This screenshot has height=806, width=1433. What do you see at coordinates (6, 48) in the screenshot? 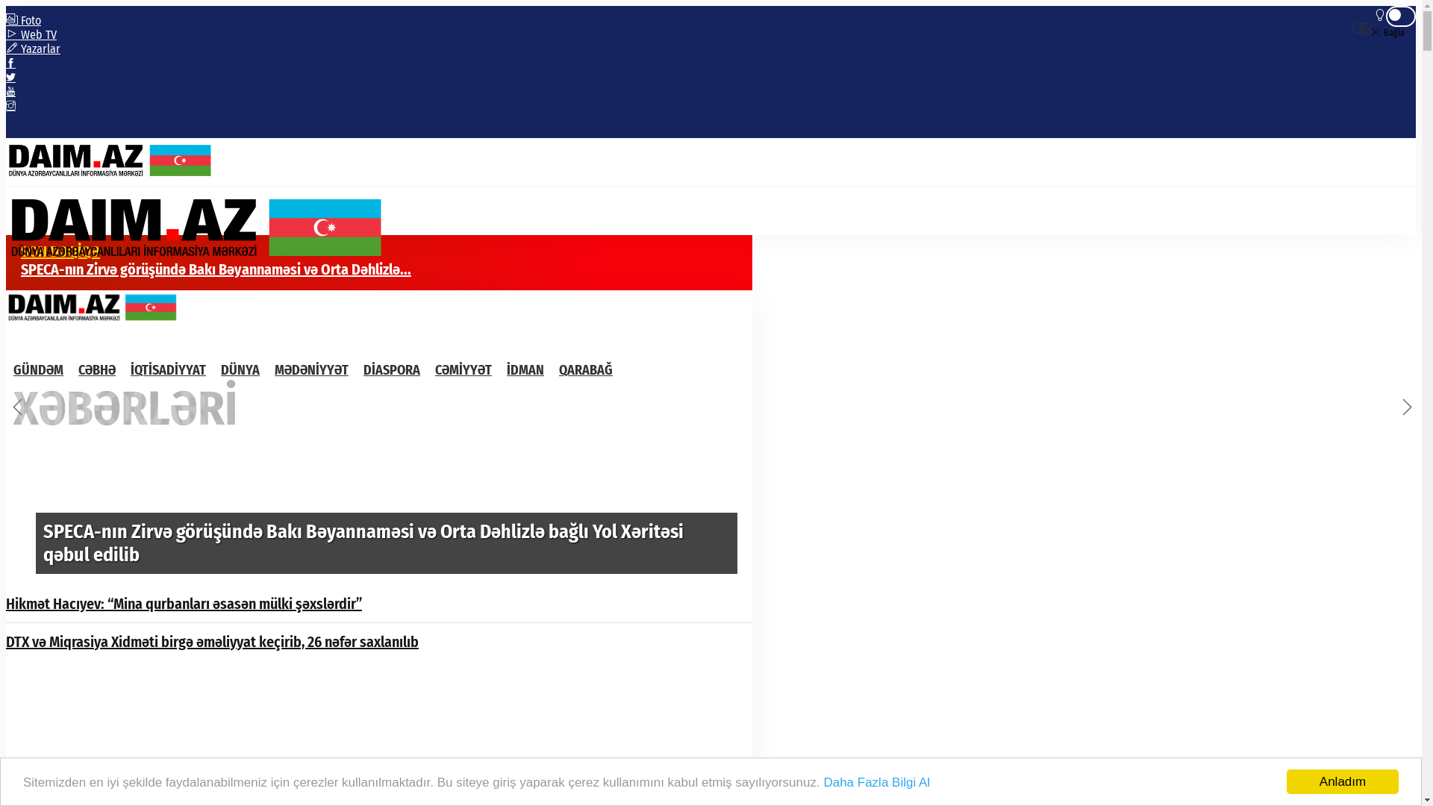
I see `'Yazarlar'` at bounding box center [6, 48].